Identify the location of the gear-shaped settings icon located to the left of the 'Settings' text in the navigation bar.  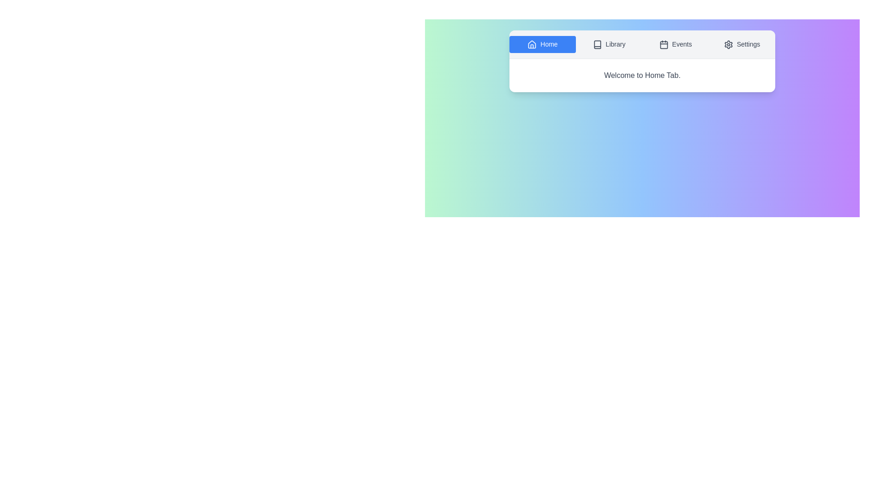
(728, 45).